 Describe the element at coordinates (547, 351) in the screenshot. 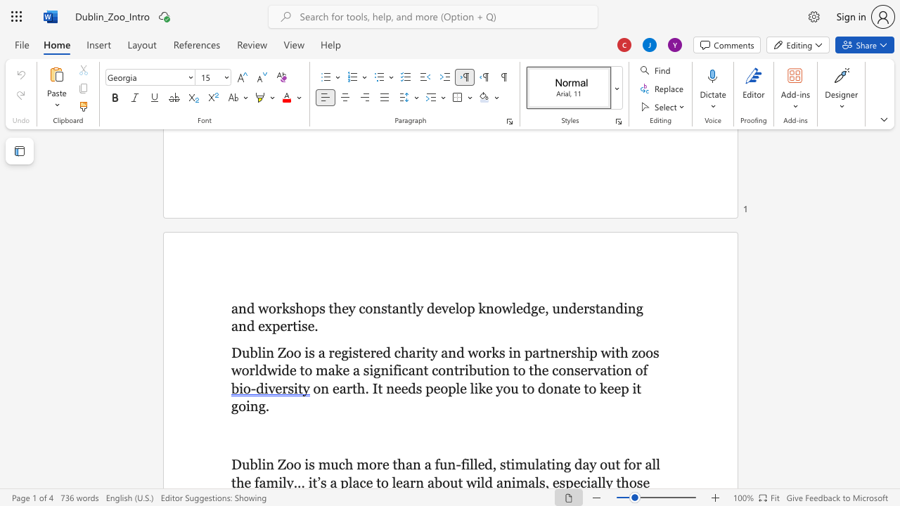

I see `the 3th character "t" in the text` at that location.